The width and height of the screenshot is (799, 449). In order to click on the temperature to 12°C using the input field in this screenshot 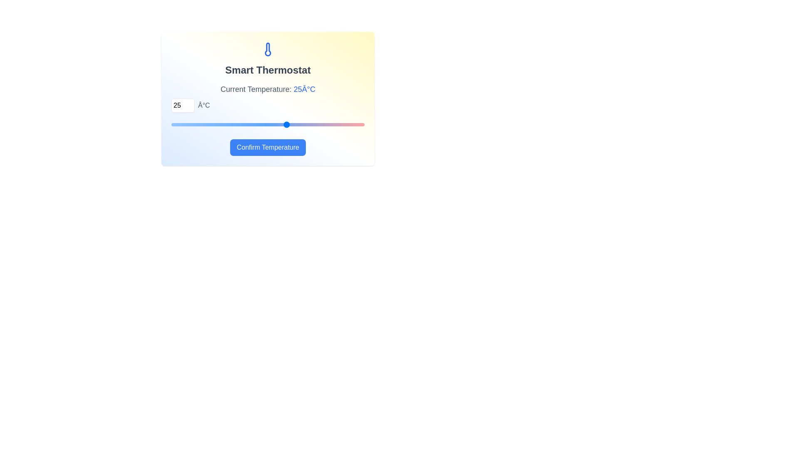, I will do `click(183, 105)`.